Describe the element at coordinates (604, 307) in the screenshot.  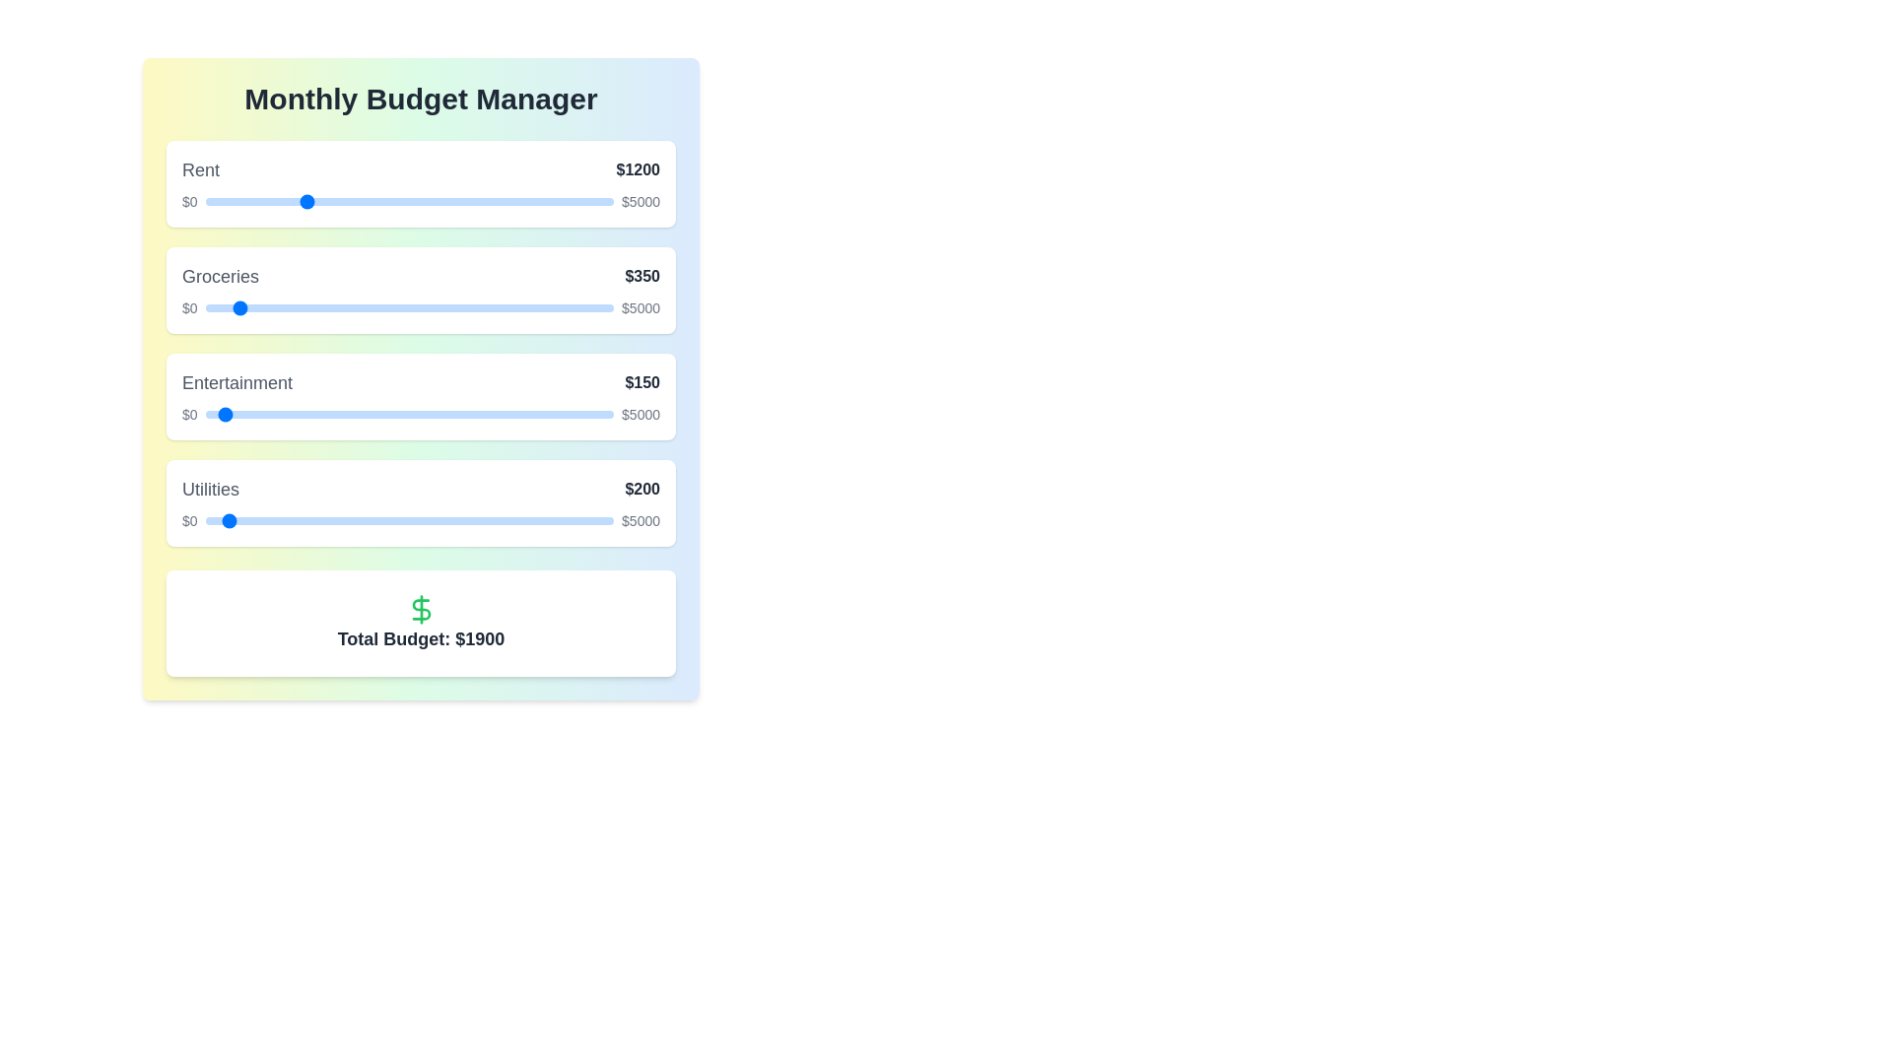
I see `the groceries budget slider` at that location.